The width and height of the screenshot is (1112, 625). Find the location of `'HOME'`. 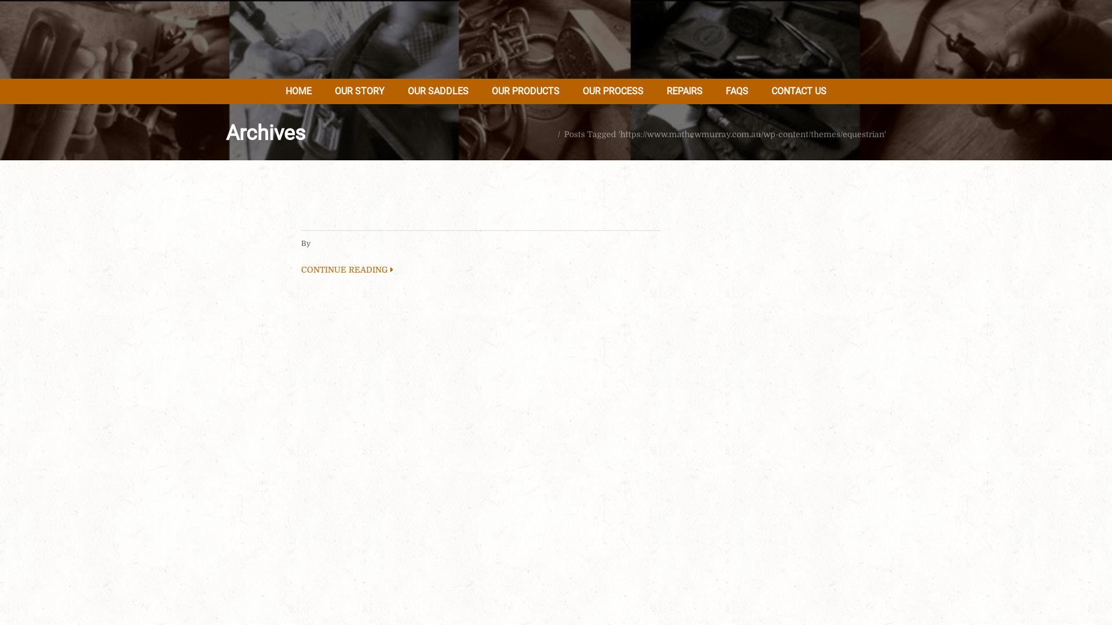

'HOME' is located at coordinates (298, 91).